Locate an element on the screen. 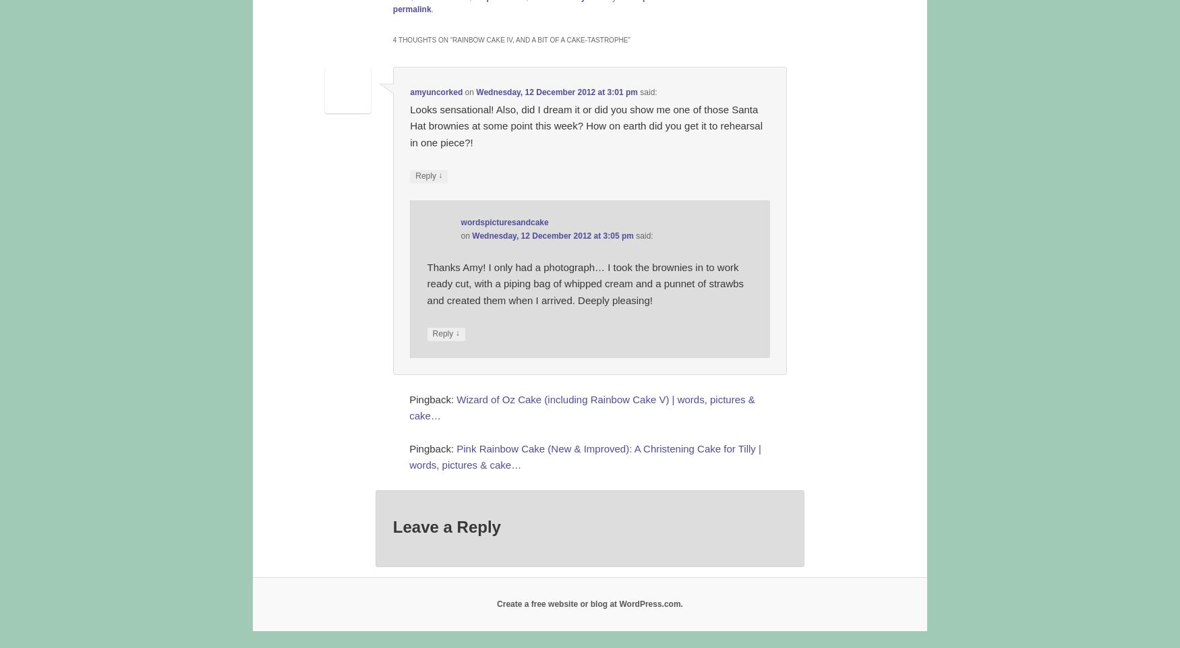 The image size is (1180, 648). 'Looks sensational! Also, did I dream it or did you show me one of those Santa Hat brownies at some point this week? How on earth did you get it to rehearsal in one piece?!' is located at coordinates (586, 125).